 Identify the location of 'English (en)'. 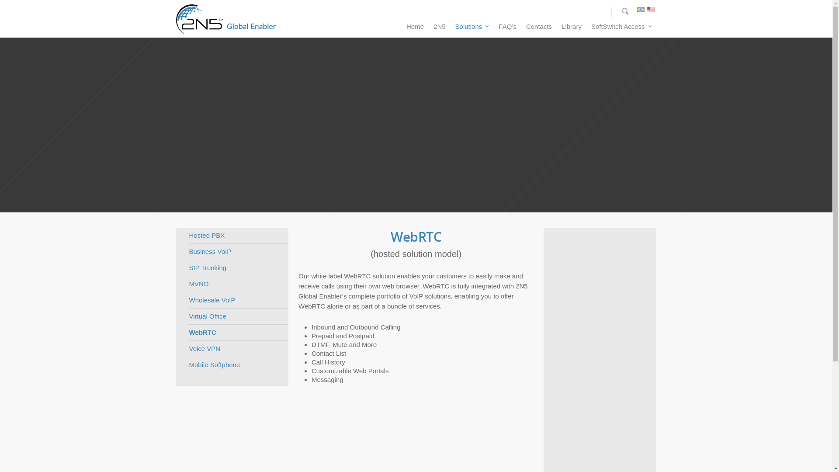
(650, 12).